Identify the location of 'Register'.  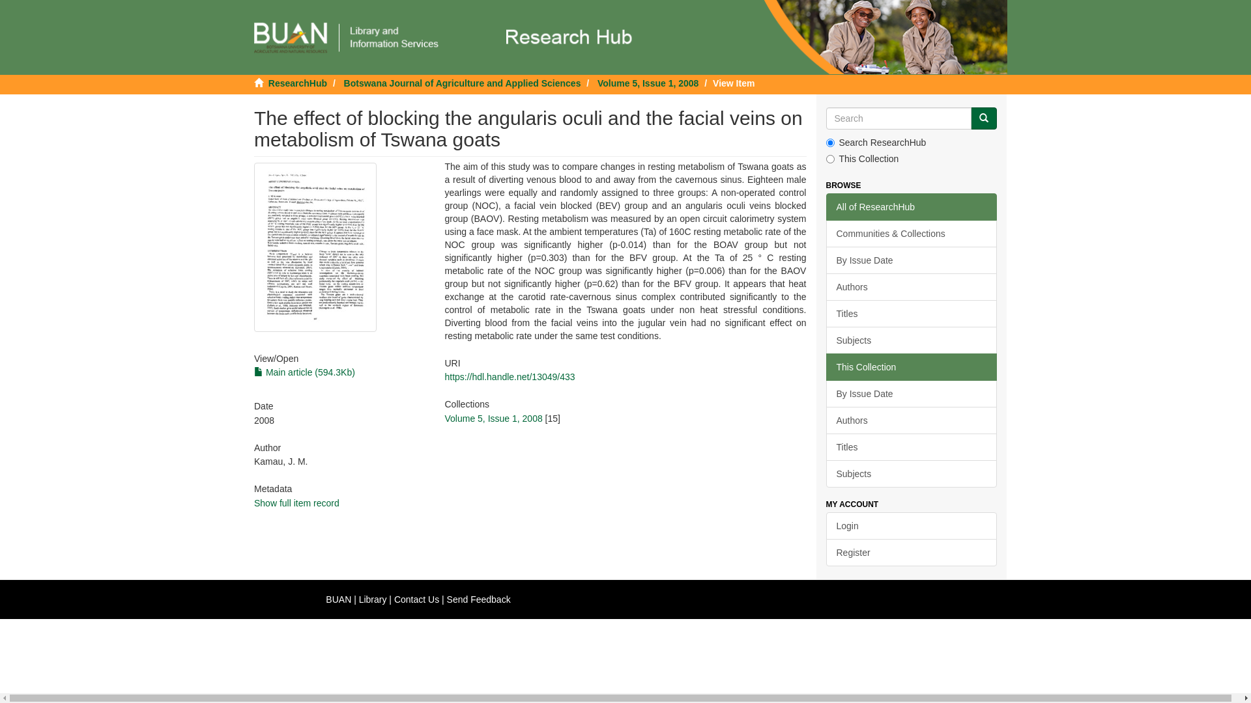
(911, 552).